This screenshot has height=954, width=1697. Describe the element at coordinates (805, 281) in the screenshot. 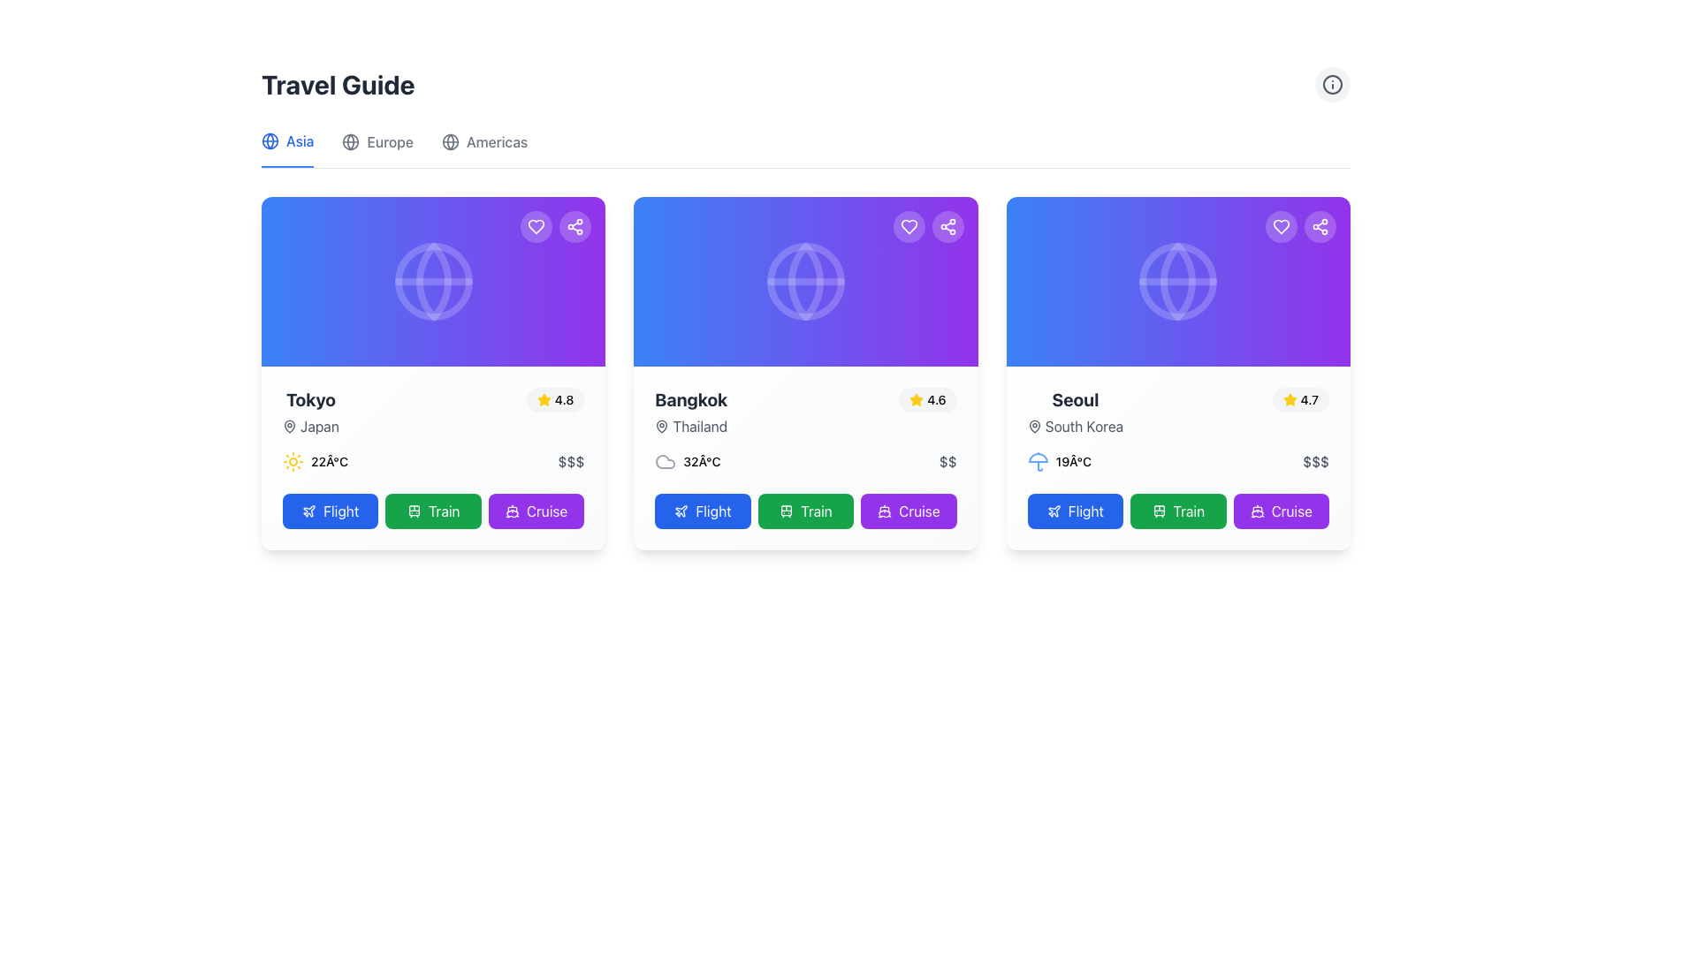

I see `the globe icon, which is a decorative element located in the upper section of the Bangkok card, characterized by its translucent white color and gradient purple background` at that location.